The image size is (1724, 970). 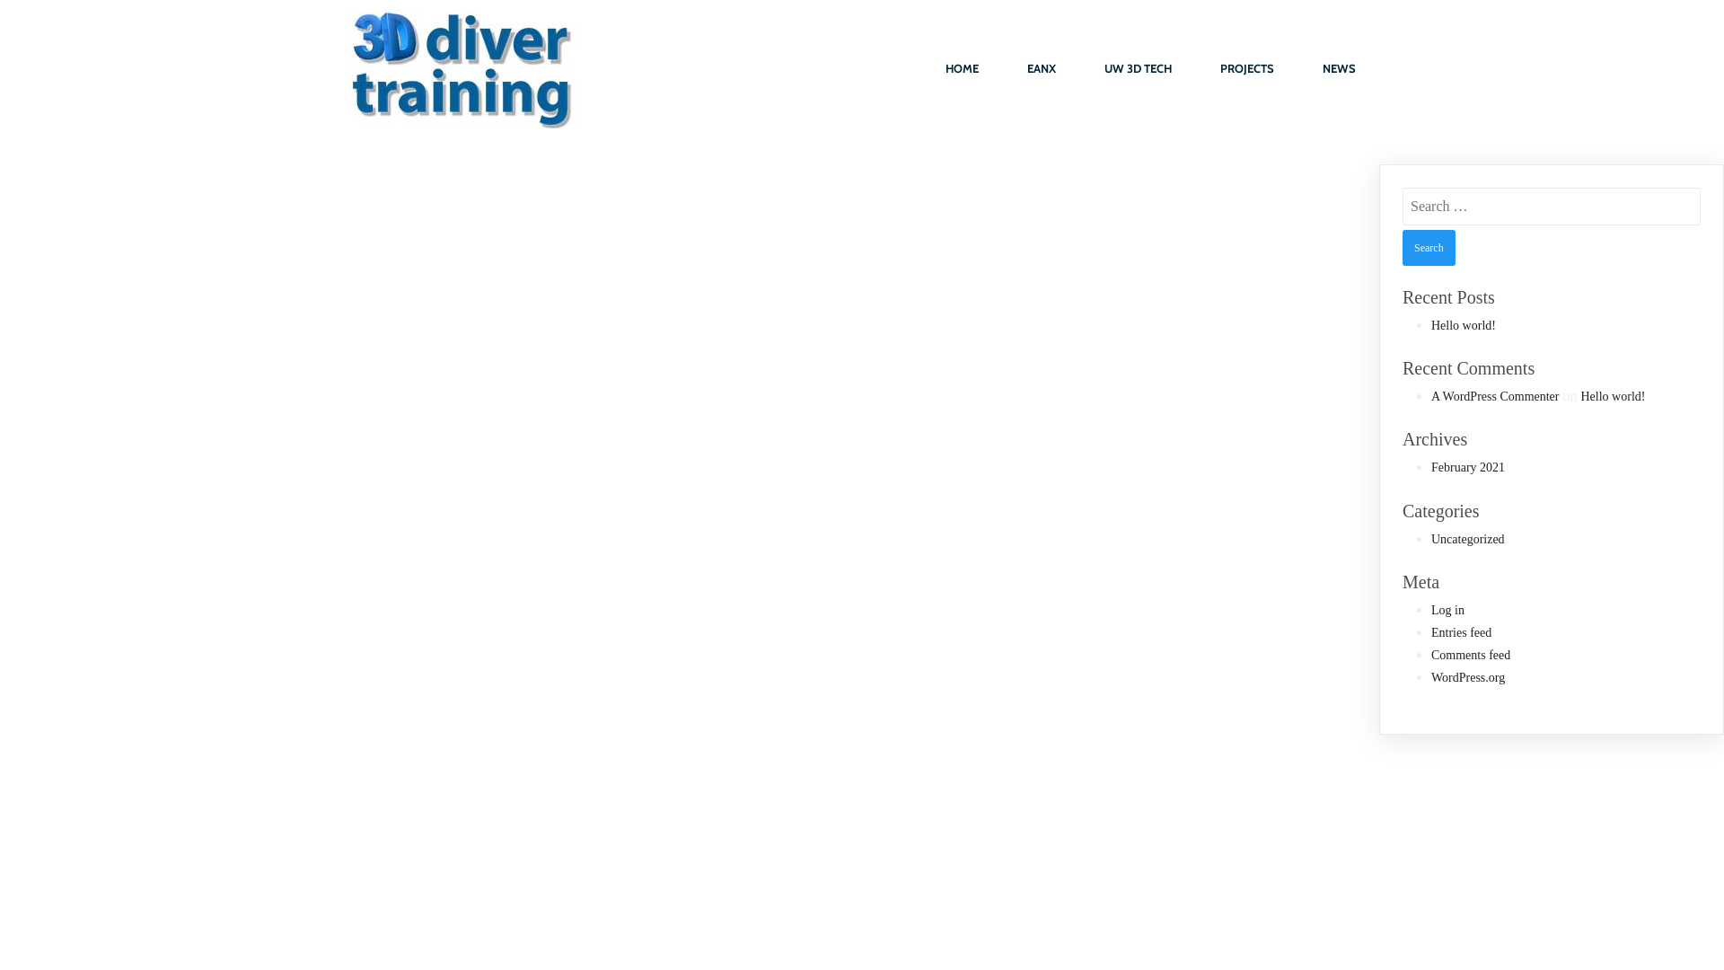 I want to click on 'HOME', so click(x=961, y=68).